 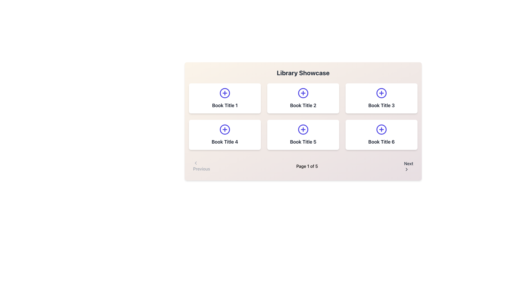 I want to click on the first Grid Item element, which is a rectangular tile with a white background, rounded corners, and a blue plus icon above the text 'Book Title 1', so click(x=225, y=98).